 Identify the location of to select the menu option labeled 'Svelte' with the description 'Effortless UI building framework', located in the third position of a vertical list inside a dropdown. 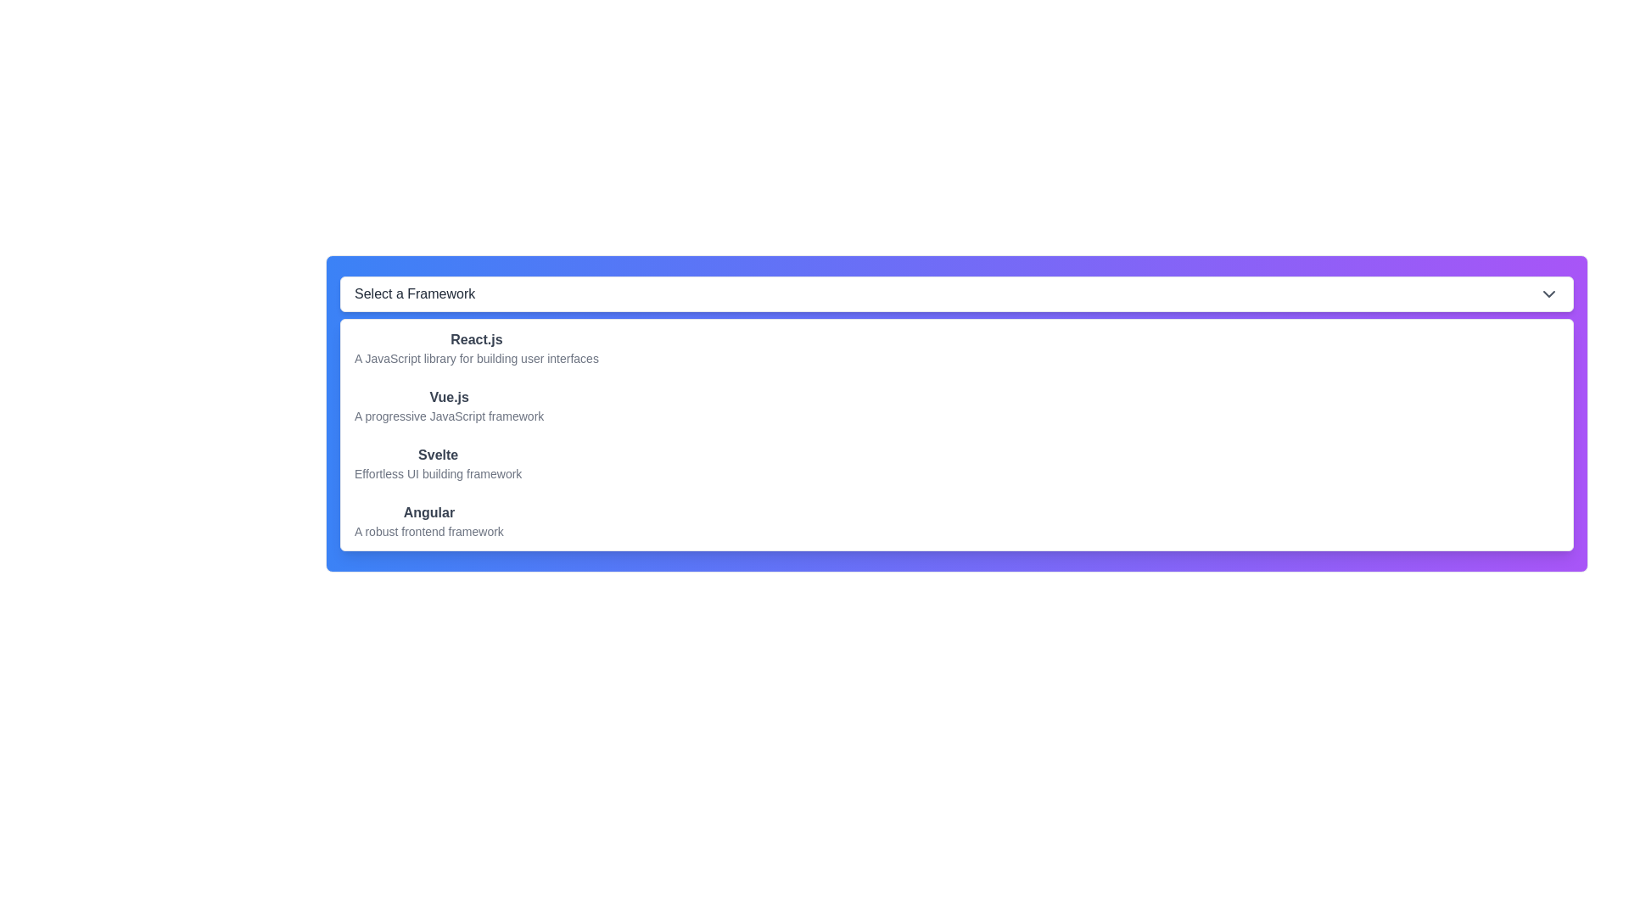
(957, 464).